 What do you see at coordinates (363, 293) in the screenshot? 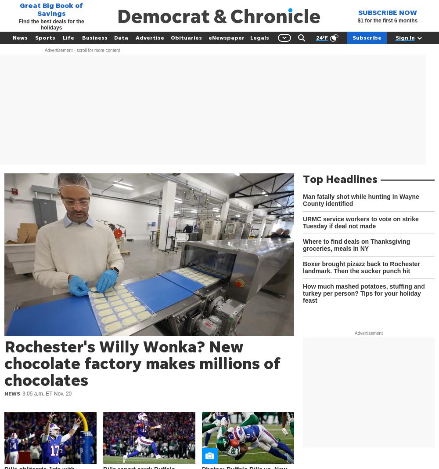
I see `'How much mashed potatoes, stuffing and turkey per person? Tips for your holiday feast'` at bounding box center [363, 293].